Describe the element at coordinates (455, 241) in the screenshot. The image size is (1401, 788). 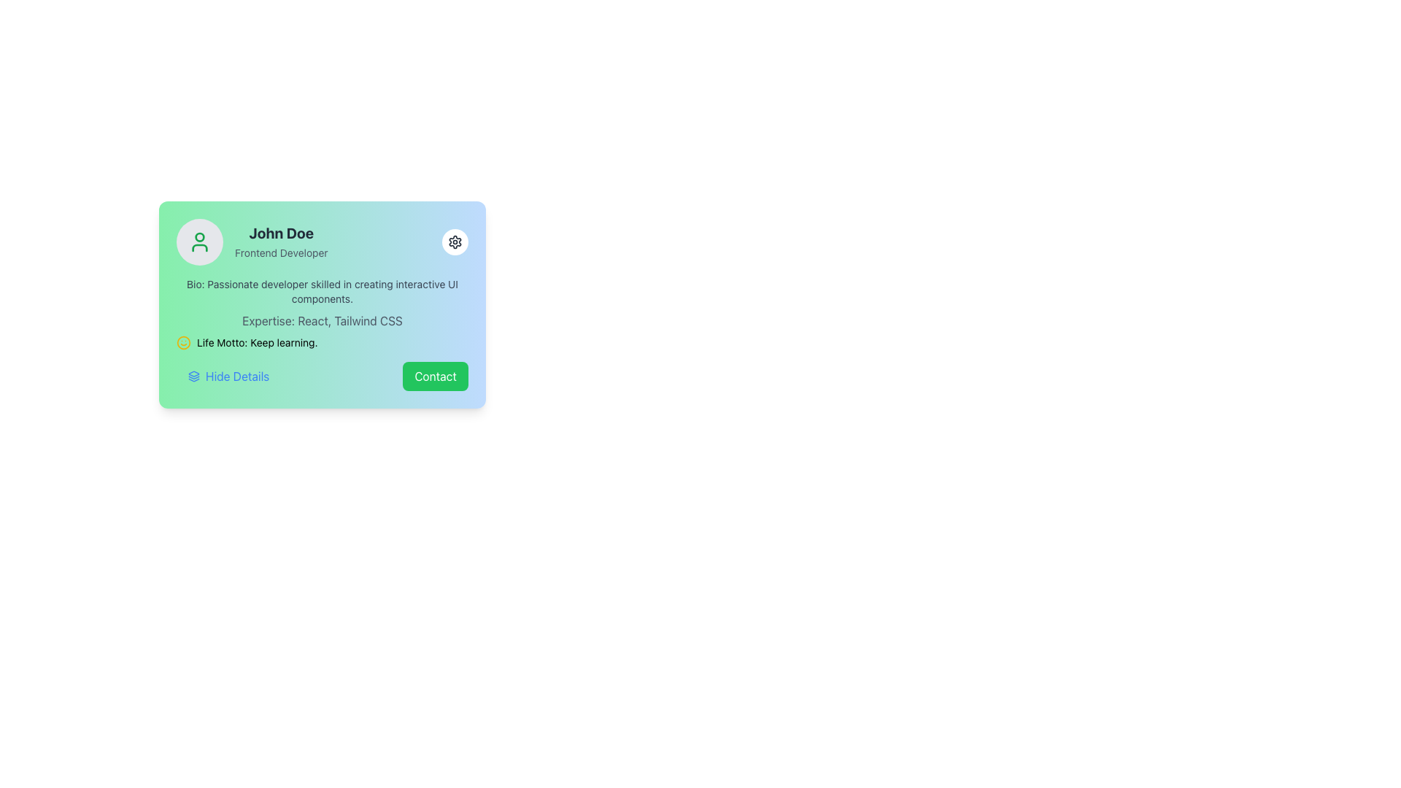
I see `the gear-shaped icon located in the top-right corner of the user profile card containing 'John Doe - Frontend Developer'` at that location.